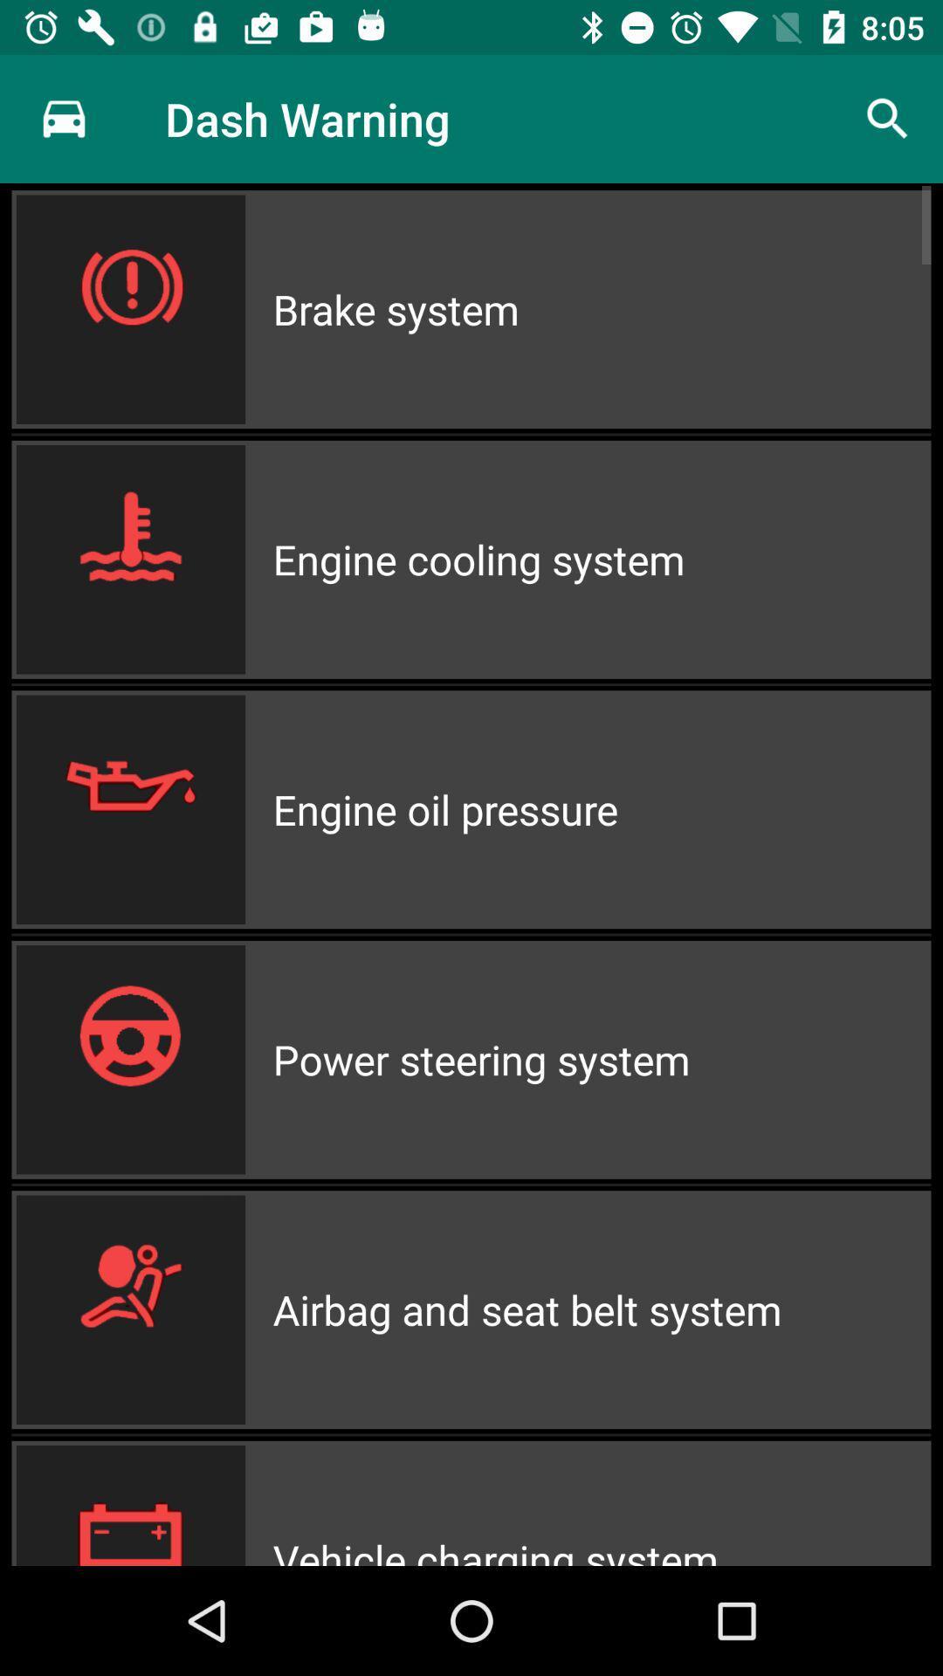 This screenshot has height=1676, width=943. What do you see at coordinates (601, 1309) in the screenshot?
I see `the icon below the power steering system item` at bounding box center [601, 1309].